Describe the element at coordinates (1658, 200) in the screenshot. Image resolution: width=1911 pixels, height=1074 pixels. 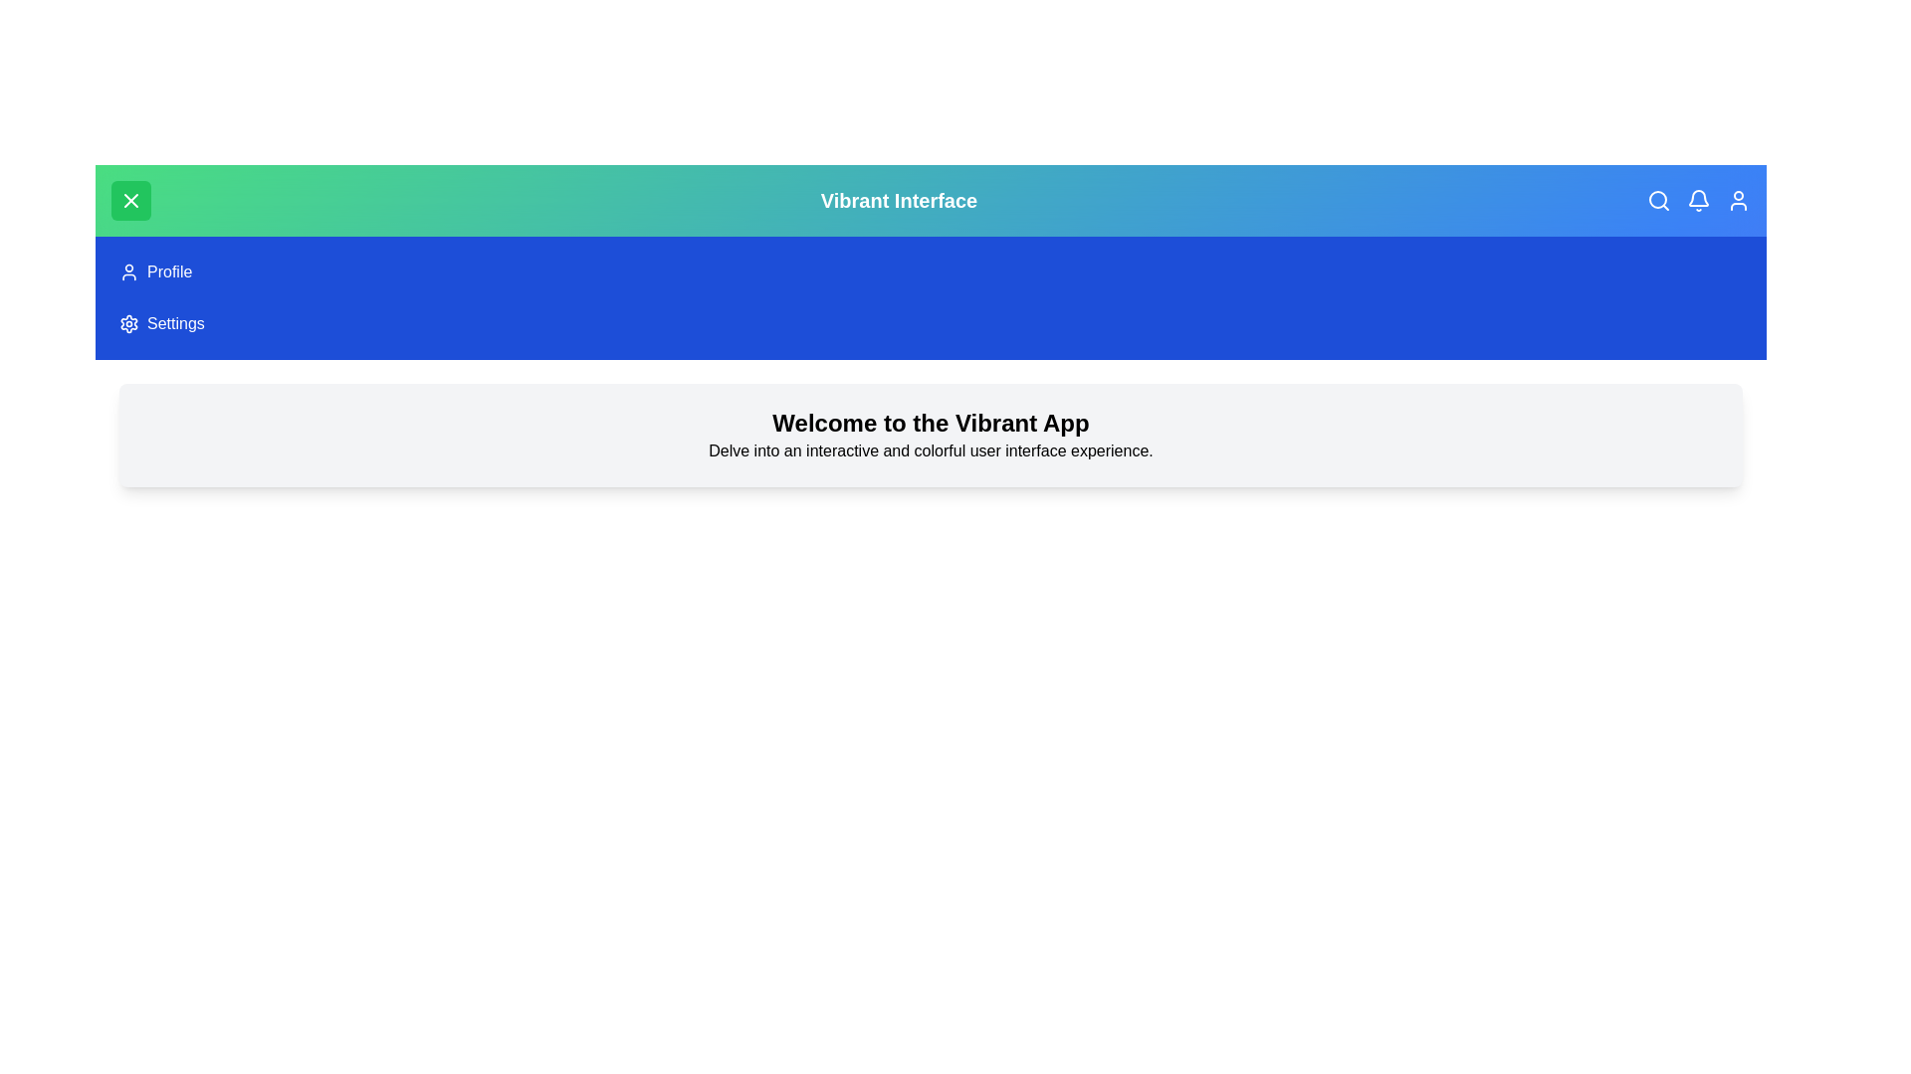
I see `the search icon in the app bar` at that location.